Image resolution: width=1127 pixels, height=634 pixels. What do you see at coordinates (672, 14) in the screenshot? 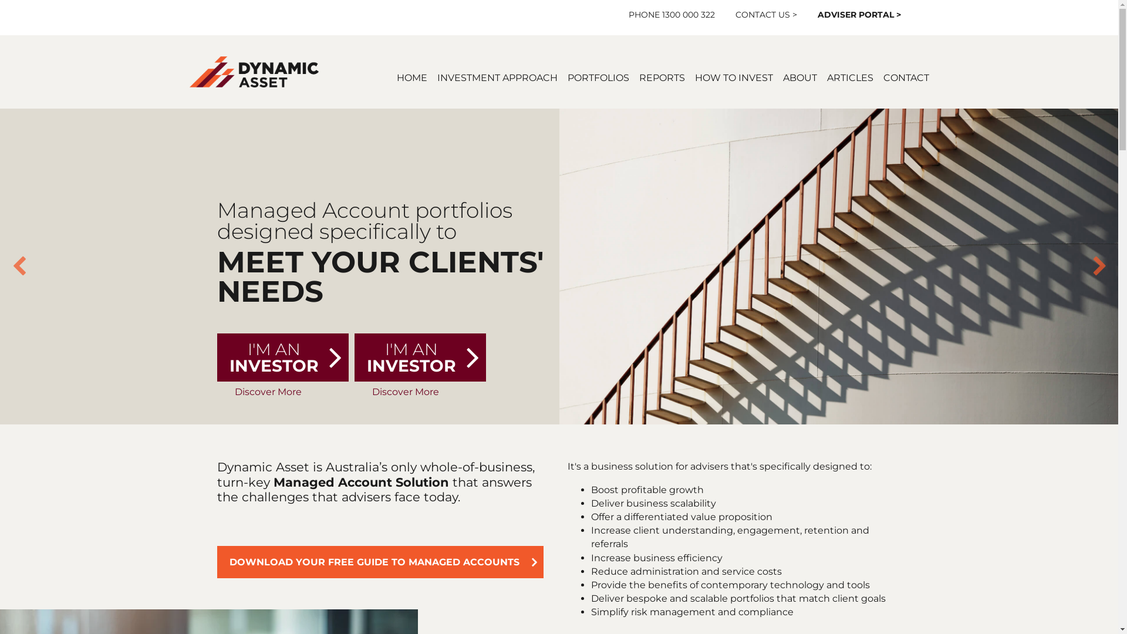
I see `'PHONE 1300 000 322'` at bounding box center [672, 14].